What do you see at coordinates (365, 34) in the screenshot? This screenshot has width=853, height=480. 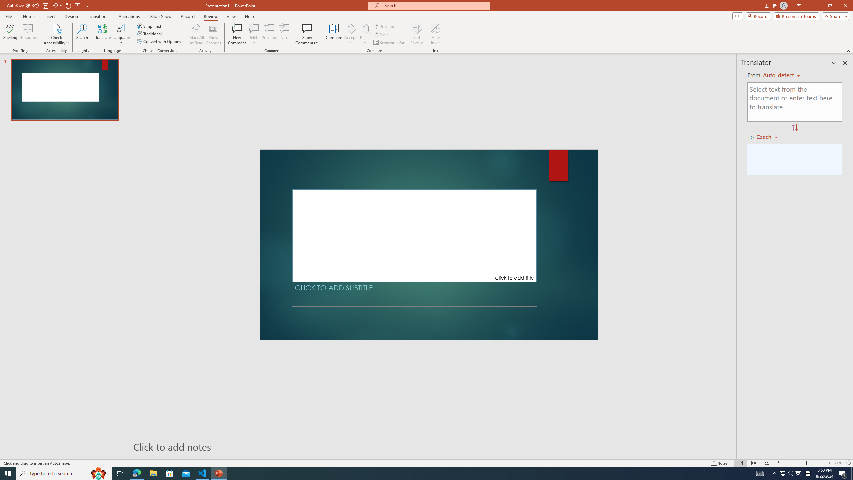 I see `'Reject'` at bounding box center [365, 34].